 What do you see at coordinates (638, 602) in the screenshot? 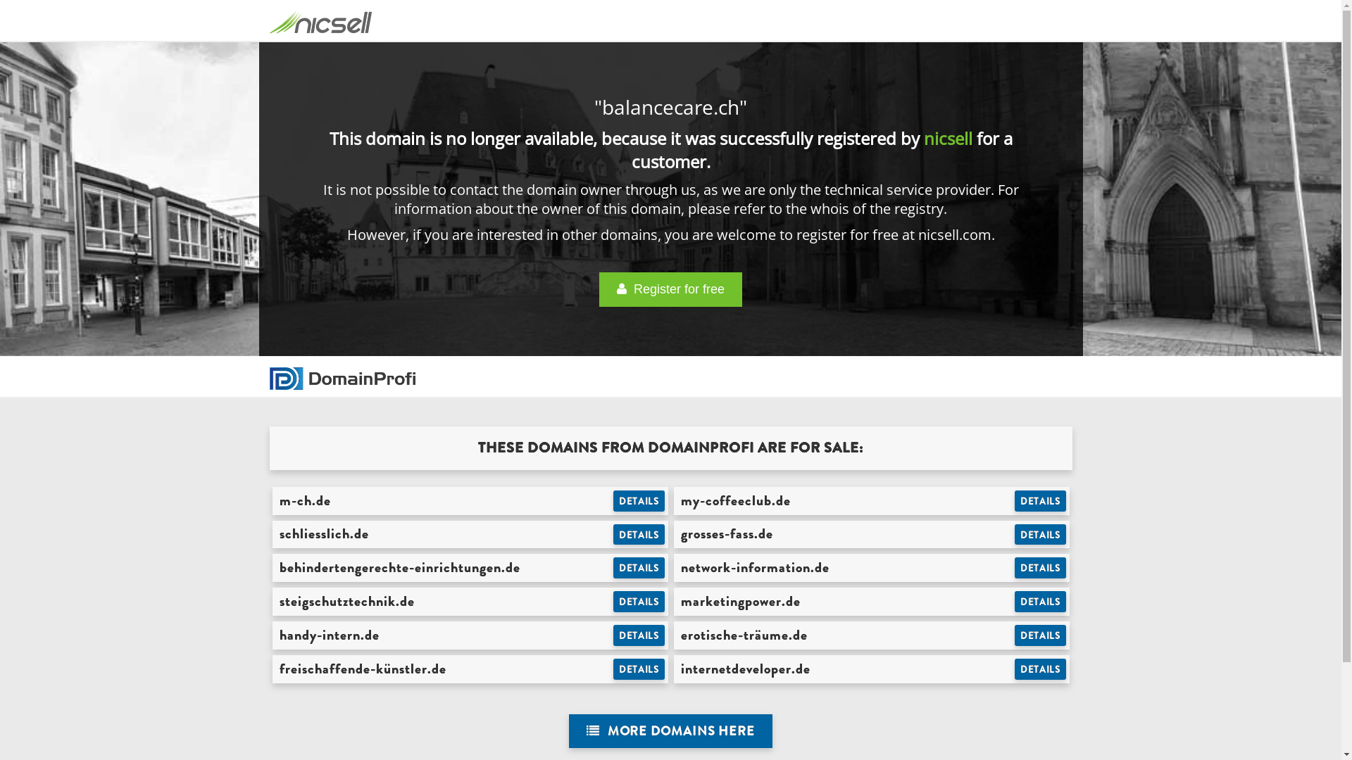
I see `'DETAILS'` at bounding box center [638, 602].